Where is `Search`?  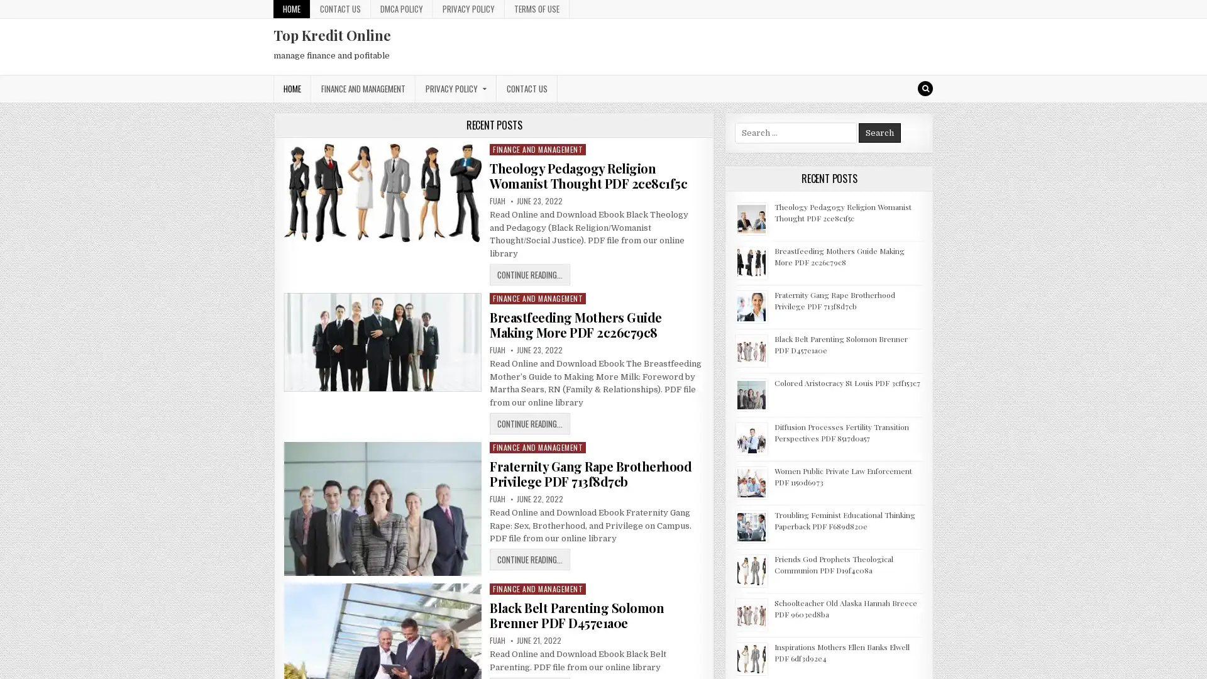 Search is located at coordinates (879, 133).